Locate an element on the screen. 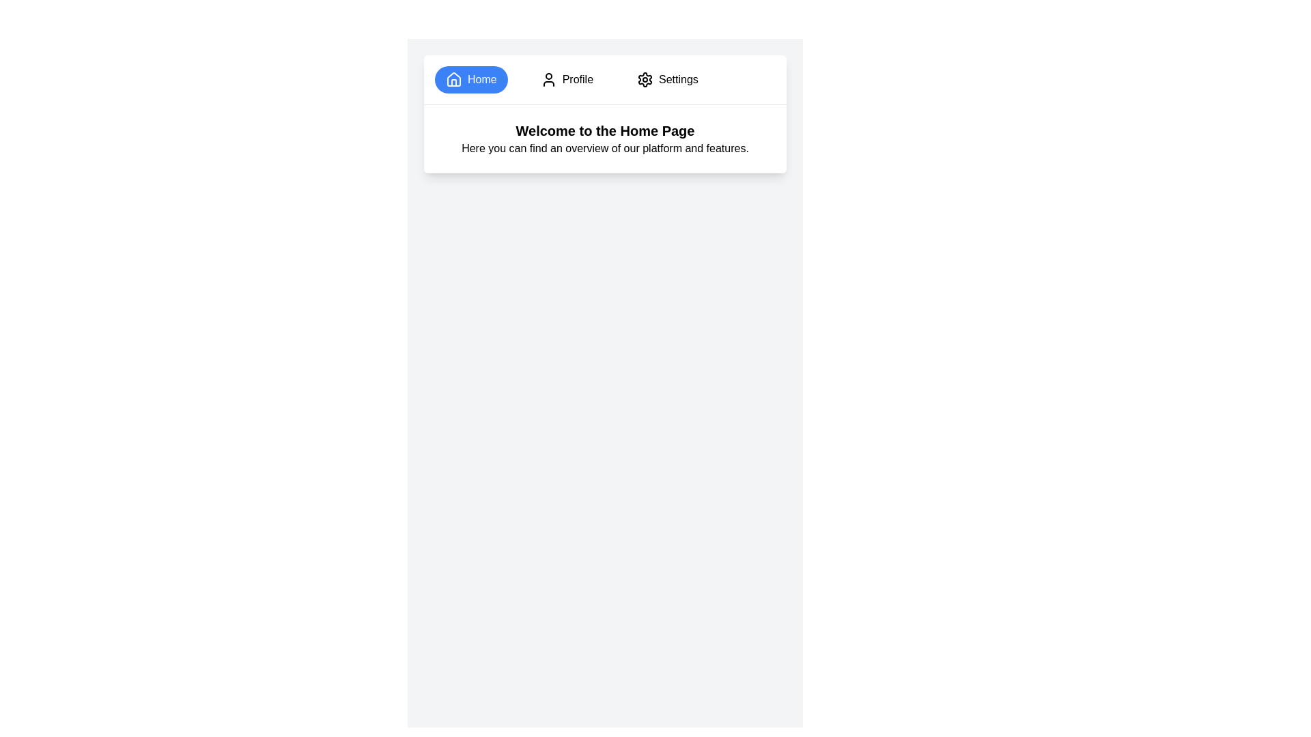  the descriptive text paragraph located beneath the 'Welcome to the Home Page' header, which provides introductory information about the platform's features is located at coordinates (604, 149).